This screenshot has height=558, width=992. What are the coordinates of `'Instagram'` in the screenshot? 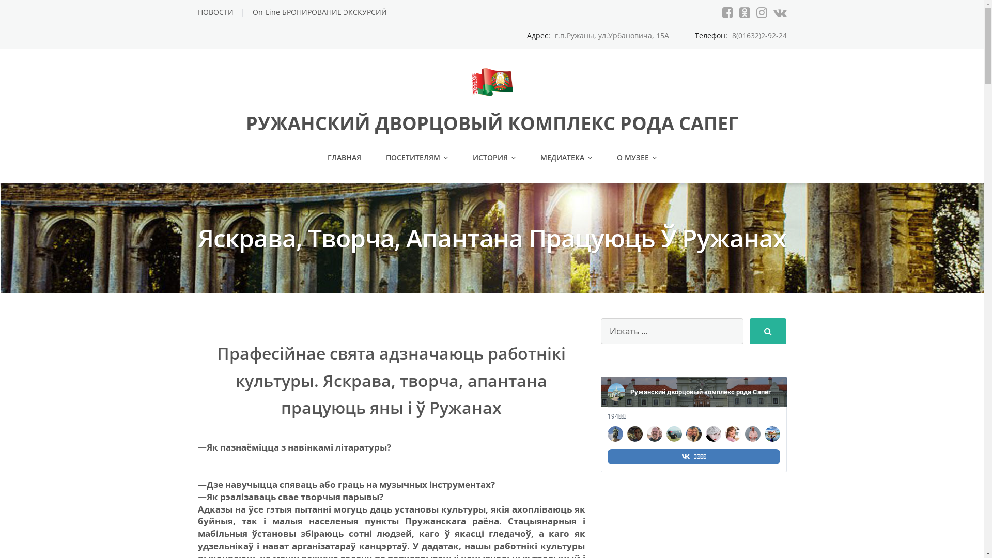 It's located at (762, 12).